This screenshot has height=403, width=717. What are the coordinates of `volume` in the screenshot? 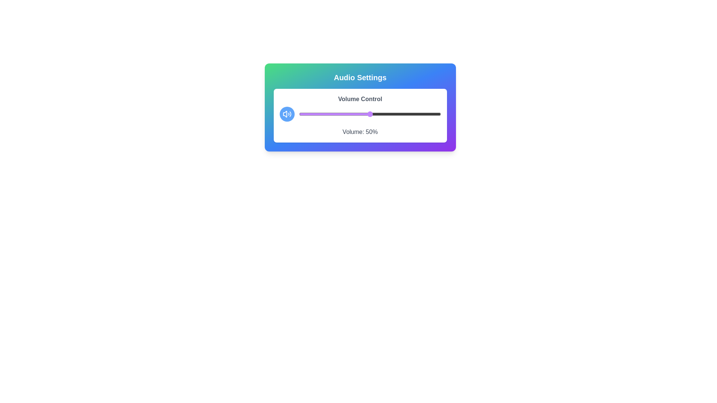 It's located at (439, 114).